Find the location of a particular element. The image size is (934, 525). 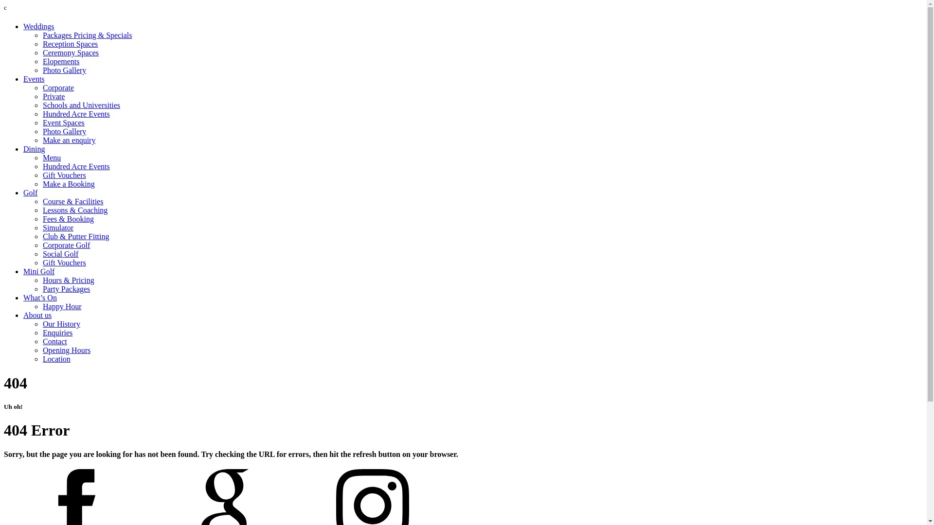

'Fees & Booking' is located at coordinates (42, 219).